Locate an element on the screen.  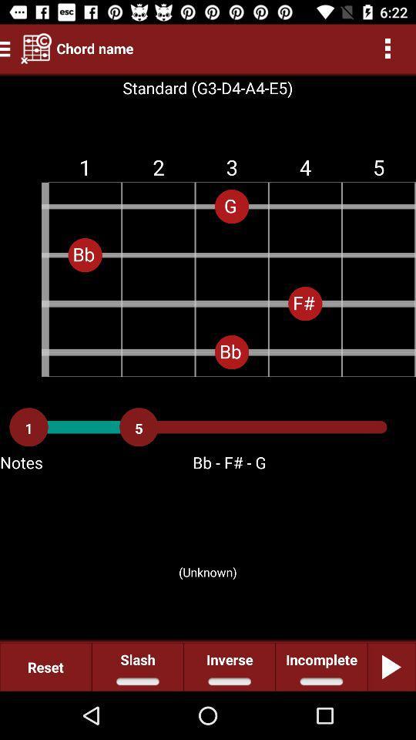
incomplete item is located at coordinates (320, 666).